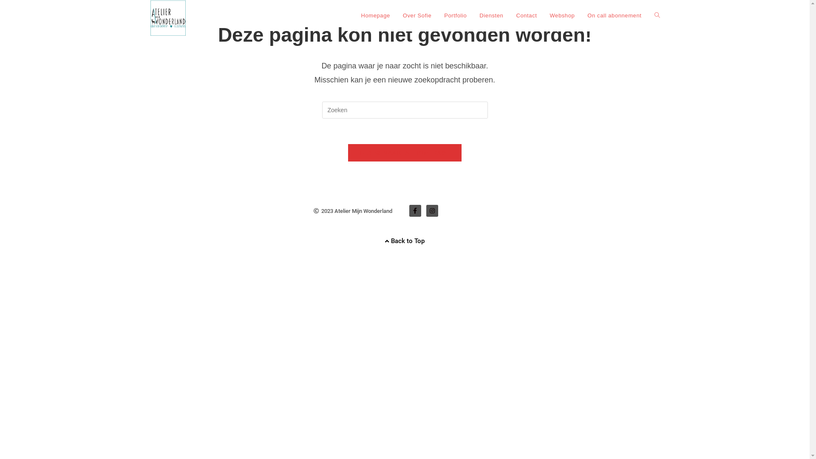 The image size is (816, 459). What do you see at coordinates (375, 16) in the screenshot?
I see `'Homepage'` at bounding box center [375, 16].